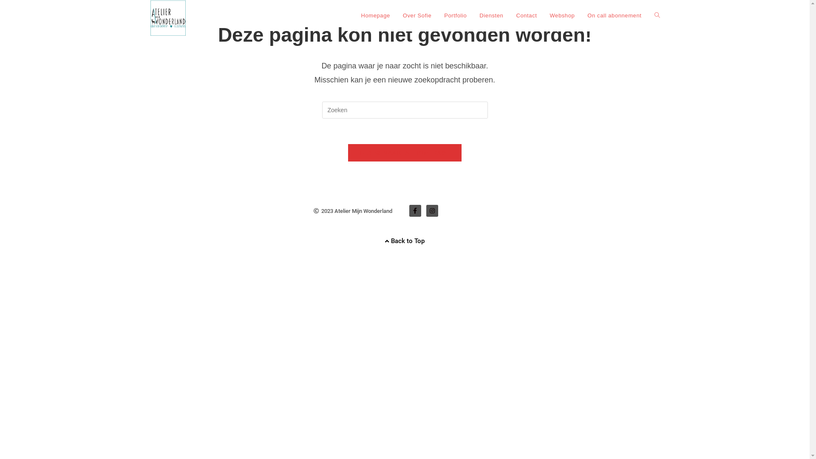 The image size is (816, 459). What do you see at coordinates (375, 16) in the screenshot?
I see `'Homepage'` at bounding box center [375, 16].